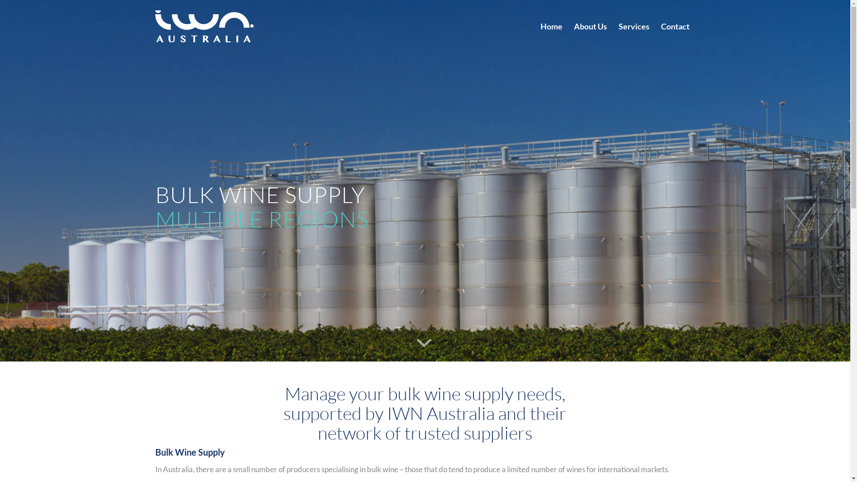 The height and width of the screenshot is (482, 857). I want to click on 'Services', so click(633, 25).